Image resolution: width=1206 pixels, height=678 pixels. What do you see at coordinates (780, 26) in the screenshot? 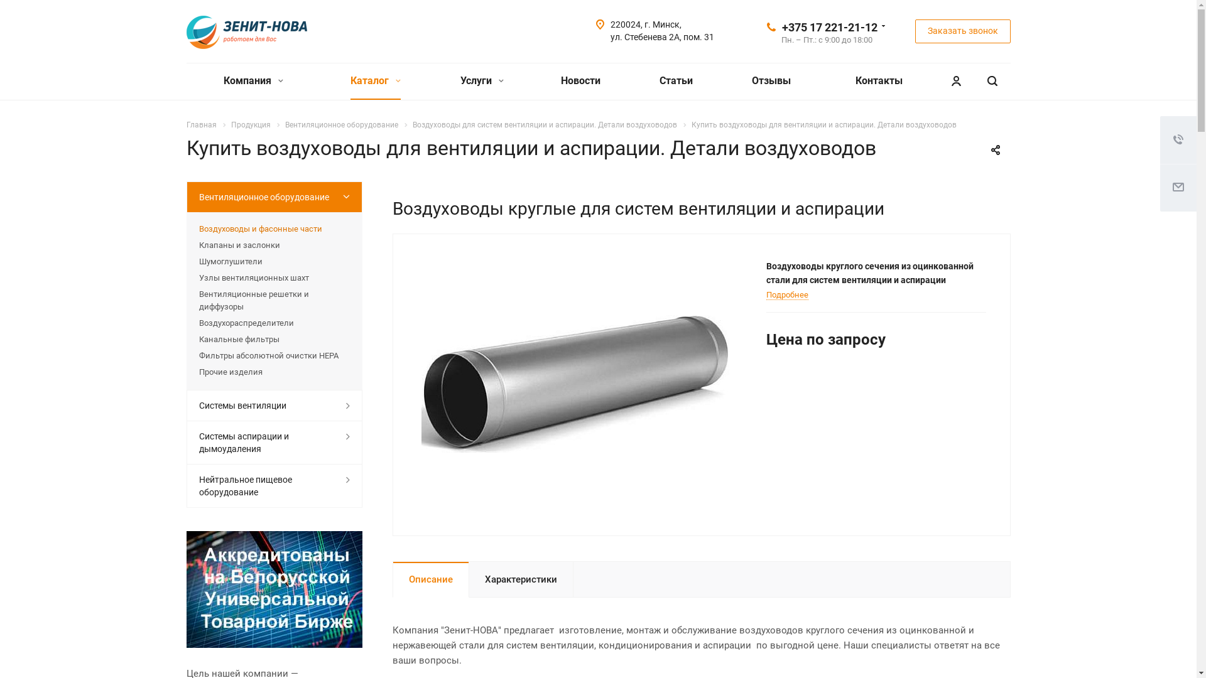
I see `'+375 17 221-21-12'` at bounding box center [780, 26].